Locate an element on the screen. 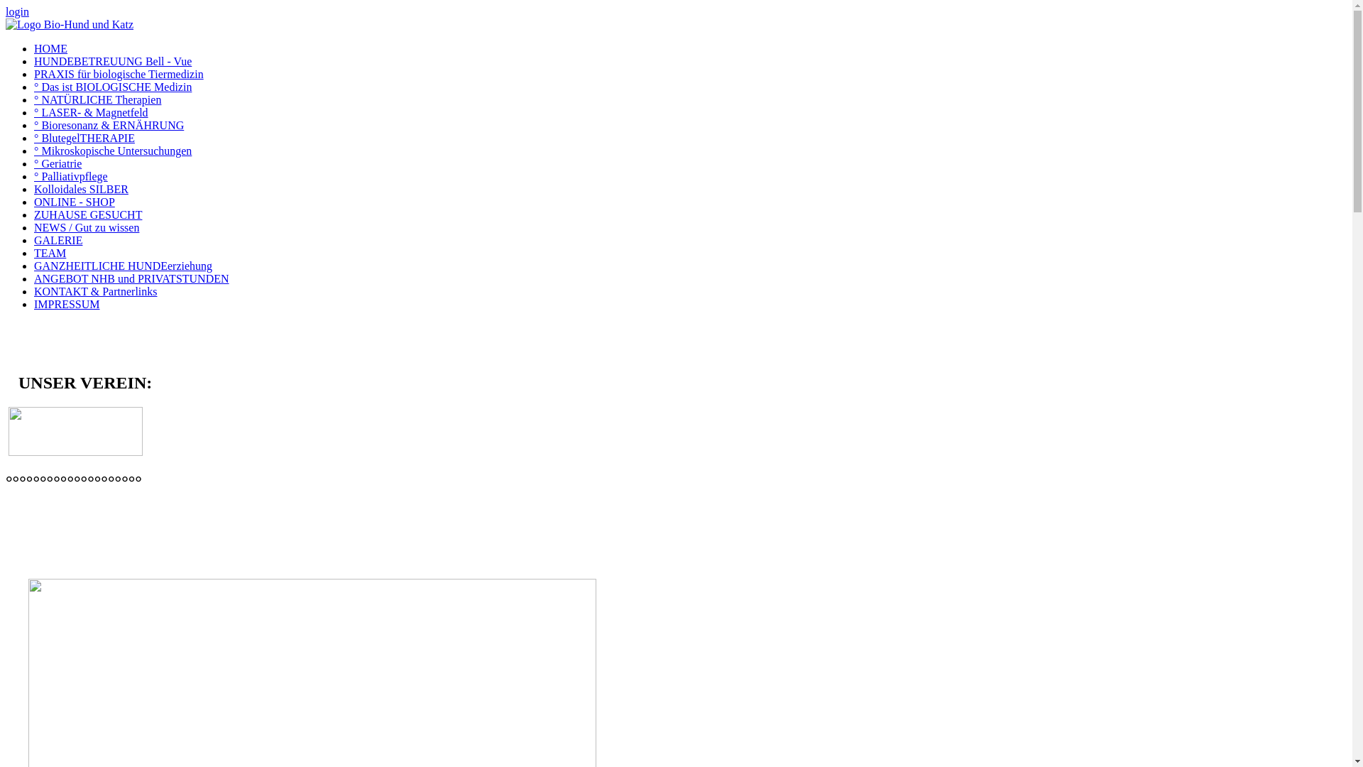 The width and height of the screenshot is (1363, 767). 'ONLINE - SHOP' is located at coordinates (74, 202).